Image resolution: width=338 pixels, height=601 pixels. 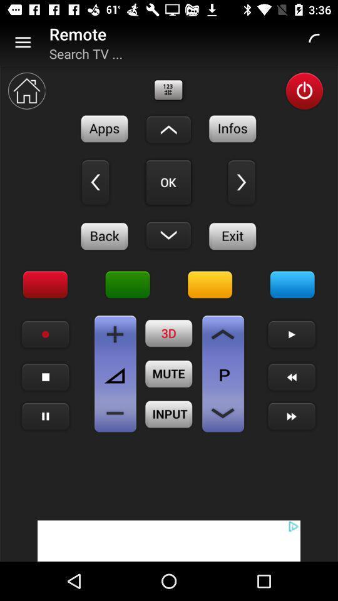 I want to click on colour change button, so click(x=292, y=285).